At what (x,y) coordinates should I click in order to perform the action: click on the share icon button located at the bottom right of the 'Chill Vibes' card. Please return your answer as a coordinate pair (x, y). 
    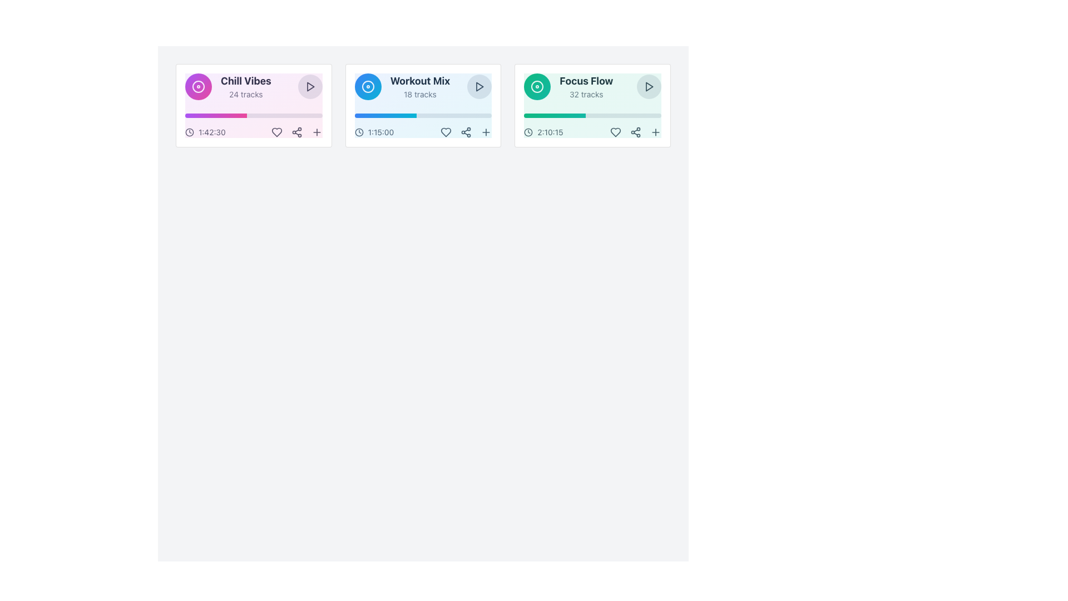
    Looking at the image, I should click on (296, 132).